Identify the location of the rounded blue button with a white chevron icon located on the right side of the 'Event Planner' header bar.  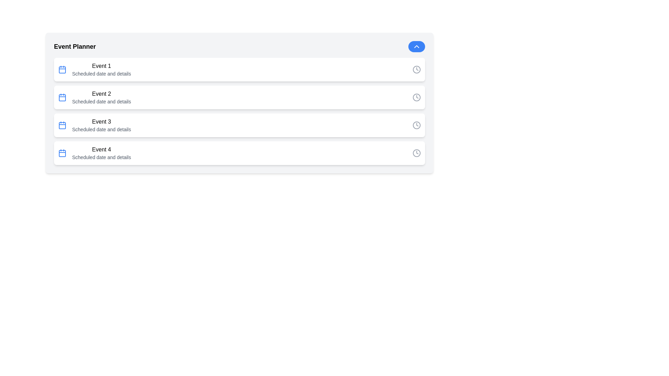
(416, 47).